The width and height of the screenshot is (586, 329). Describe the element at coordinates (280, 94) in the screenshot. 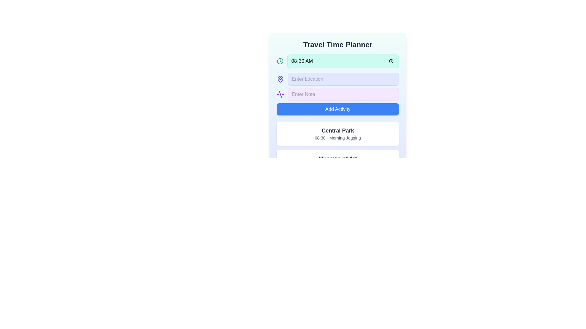

I see `the small purple waveform-shaped icon located to the left of the 'Enter Note' text input field for interaction` at that location.